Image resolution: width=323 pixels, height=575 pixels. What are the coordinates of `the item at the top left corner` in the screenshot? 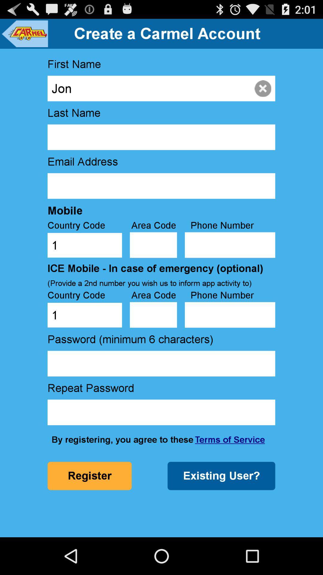 It's located at (24, 33).